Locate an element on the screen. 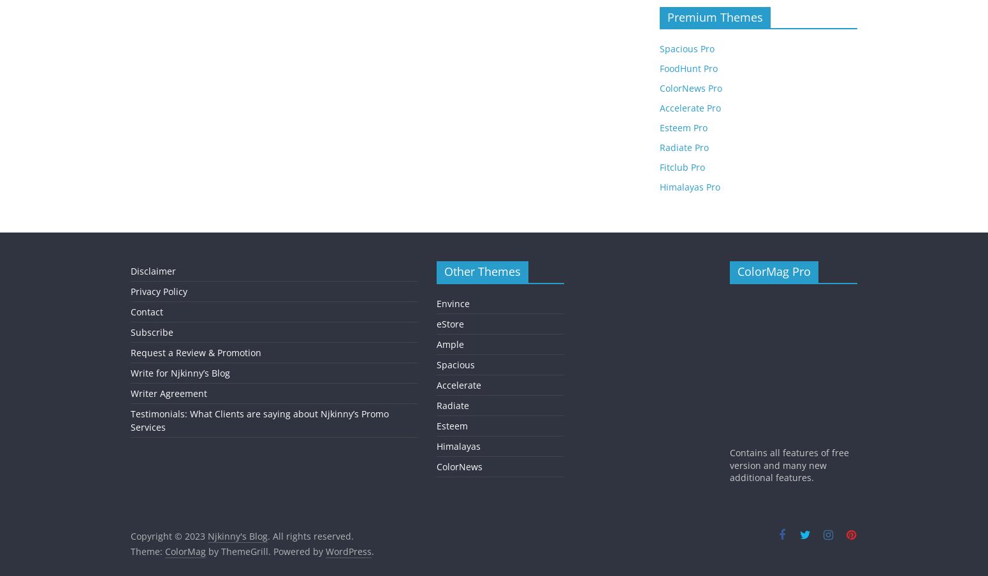 The height and width of the screenshot is (576, 988). 'Envince' is located at coordinates (453, 302).